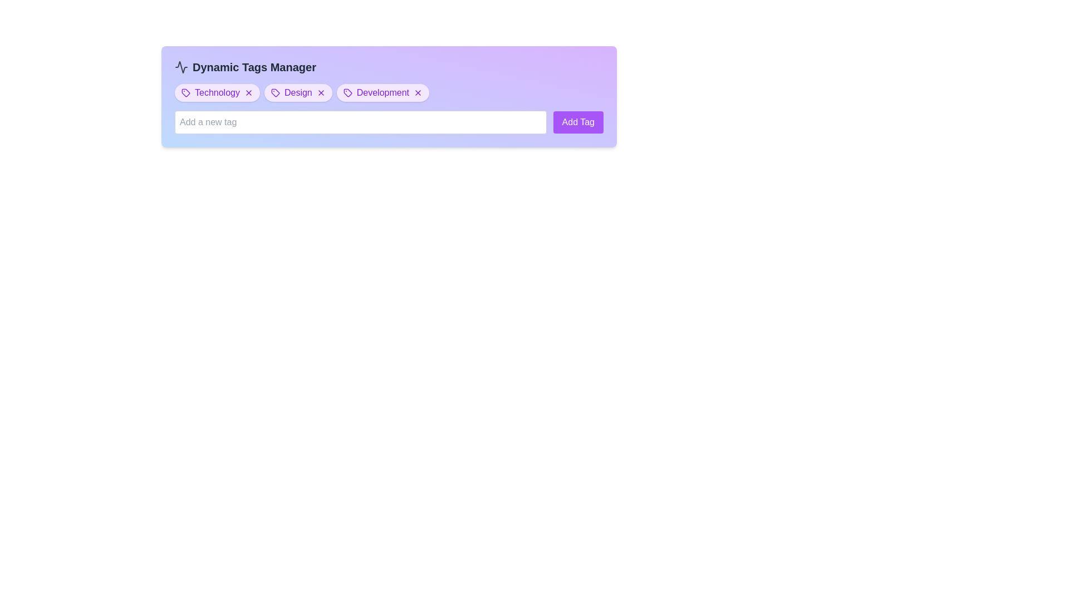 The height and width of the screenshot is (601, 1069). What do you see at coordinates (248, 92) in the screenshot?
I see `the 'X' icon button located to the right of the 'Technology' tag` at bounding box center [248, 92].